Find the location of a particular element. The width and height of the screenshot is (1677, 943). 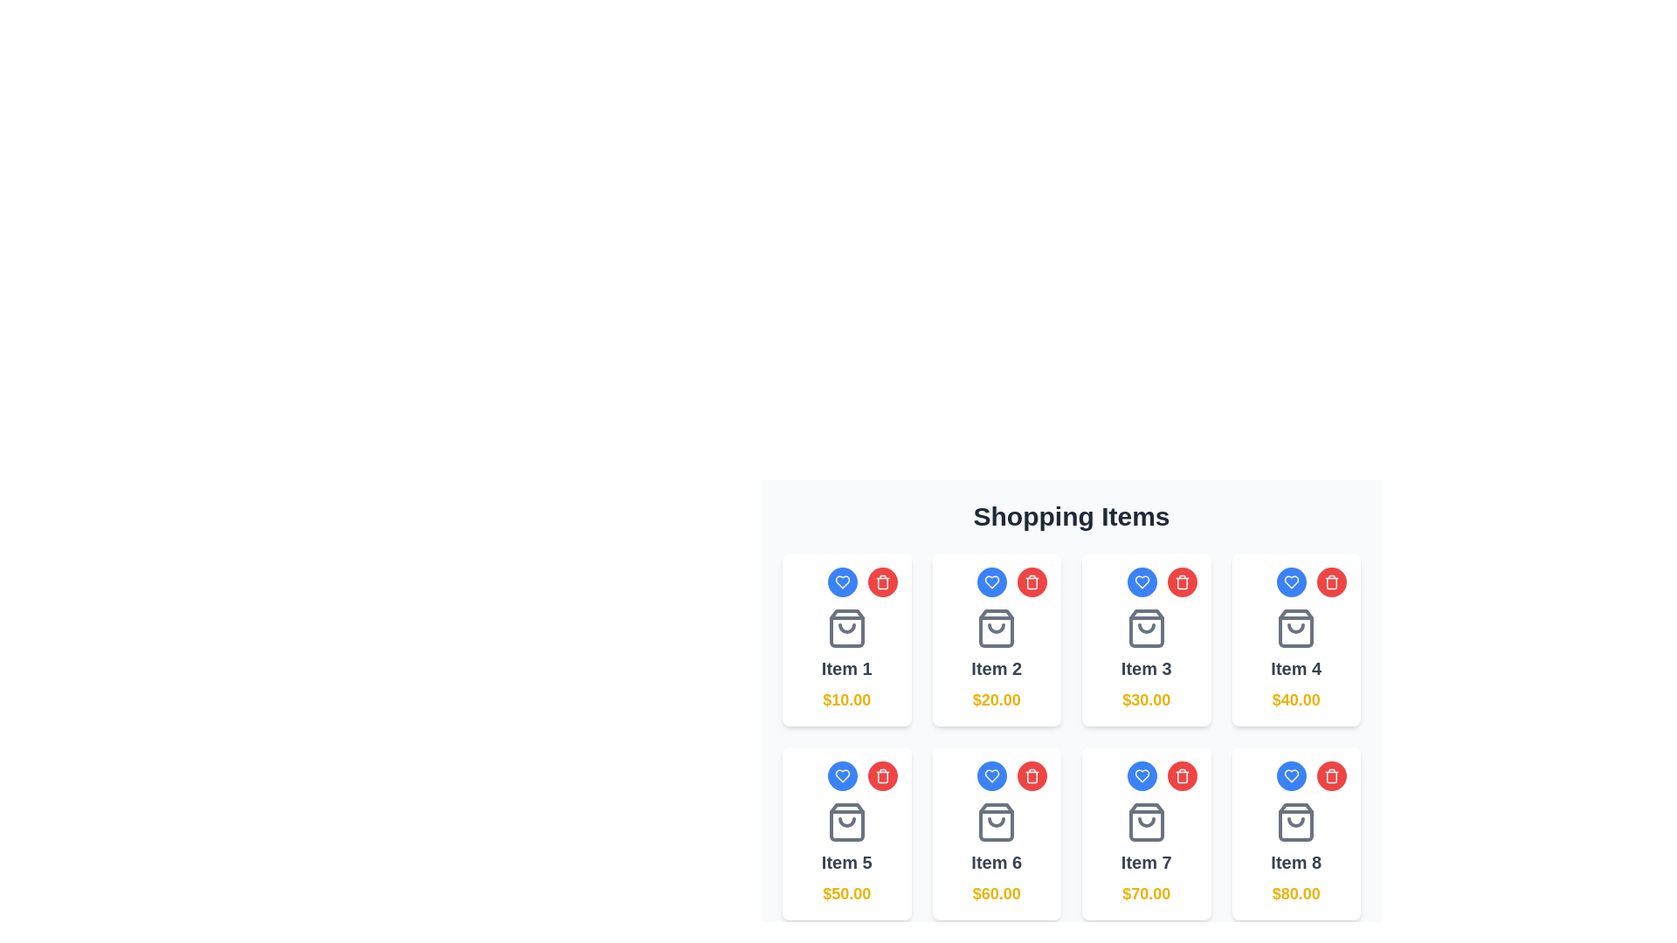

displayed price from the text label located below the 'Item 2' title in the shopping card for 'Item 2' is located at coordinates (997, 699).